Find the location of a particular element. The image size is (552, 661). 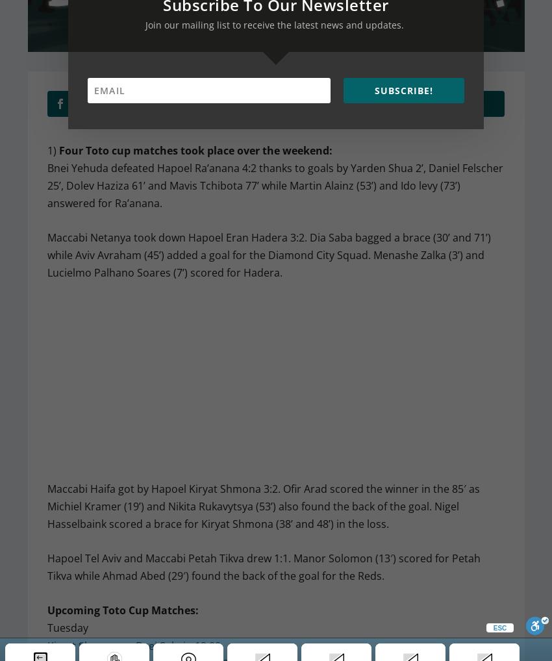

'Upcoming Toto Cup Matches:' is located at coordinates (121, 610).